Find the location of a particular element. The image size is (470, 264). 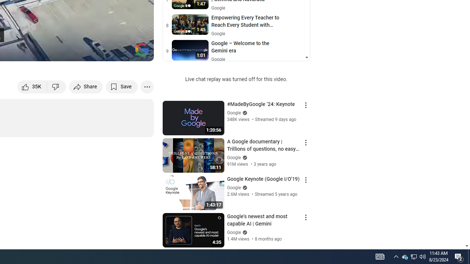

'Save to playlist' is located at coordinates (122, 86).